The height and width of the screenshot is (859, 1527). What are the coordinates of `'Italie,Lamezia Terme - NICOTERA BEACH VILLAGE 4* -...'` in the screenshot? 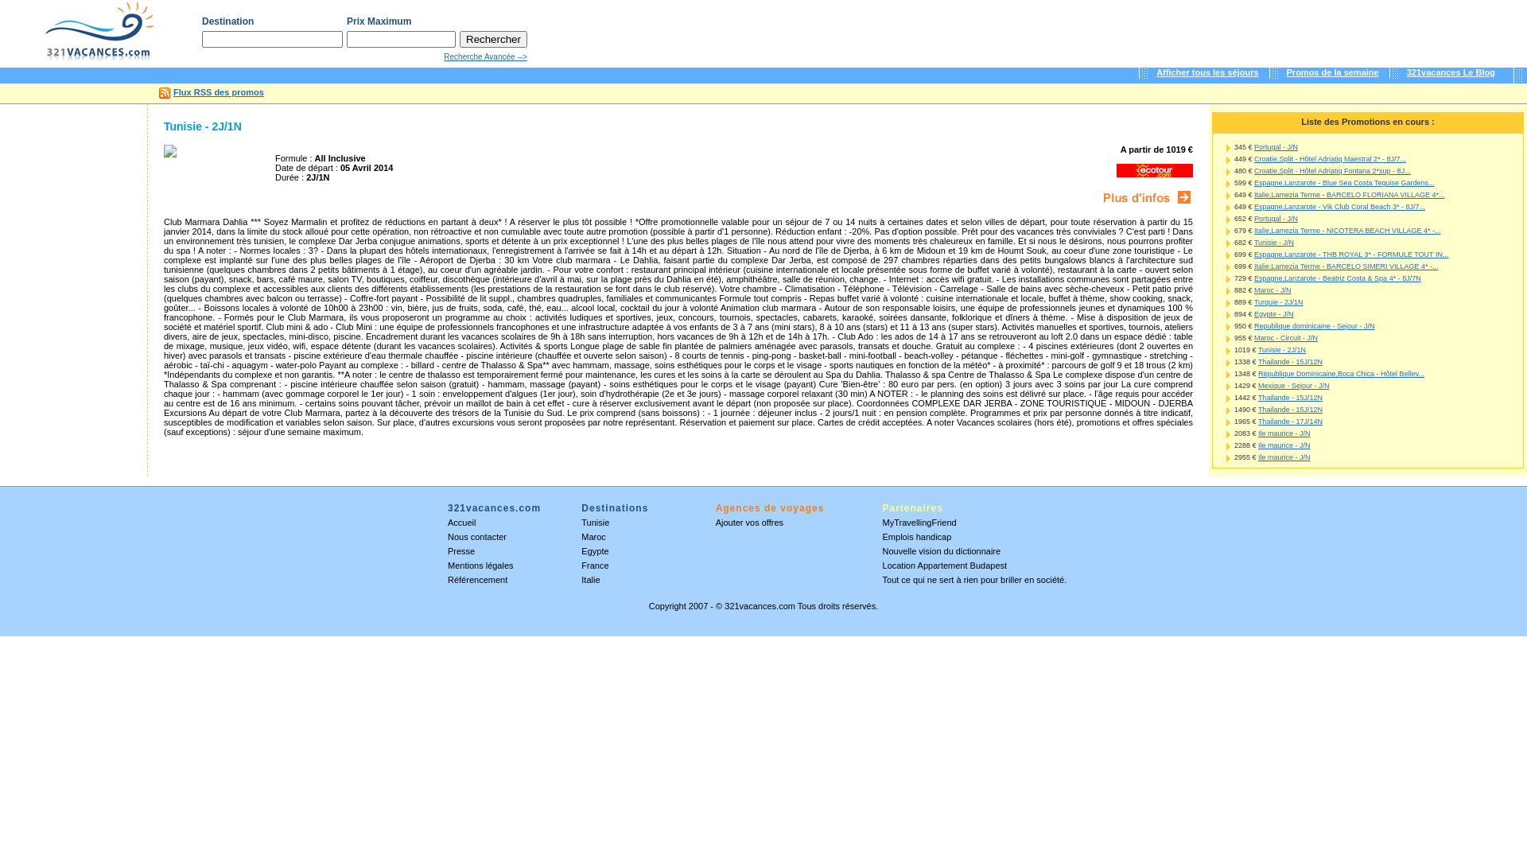 It's located at (1346, 230).